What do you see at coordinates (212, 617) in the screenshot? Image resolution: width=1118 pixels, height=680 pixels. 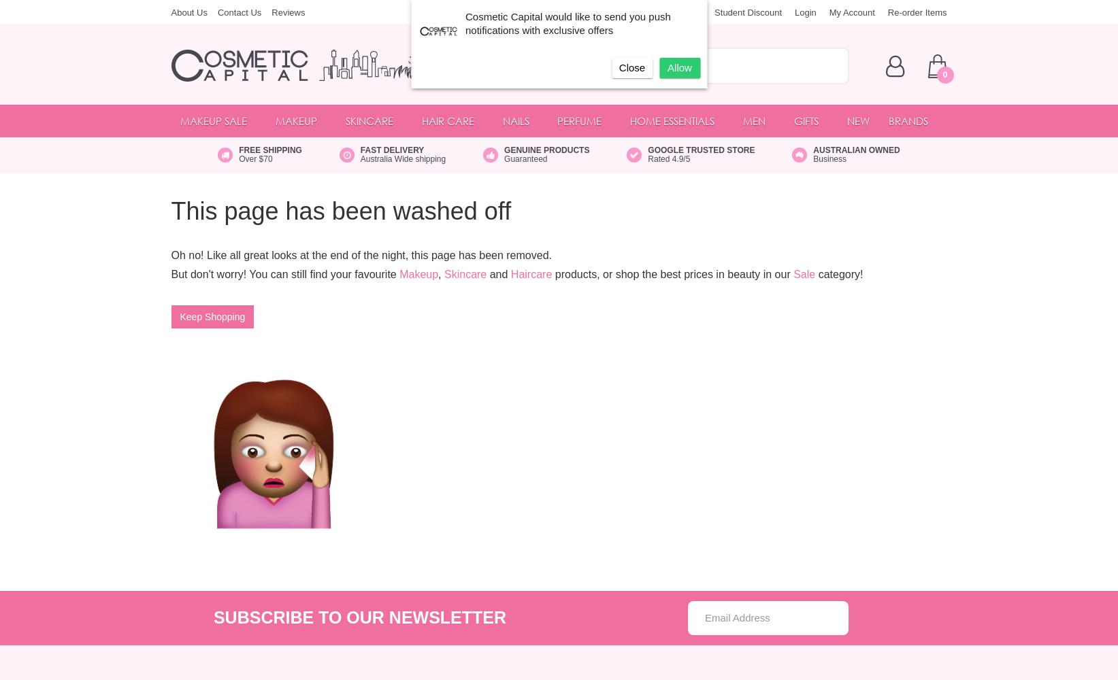 I see `'Subscribe to our newsletter'` at bounding box center [212, 617].